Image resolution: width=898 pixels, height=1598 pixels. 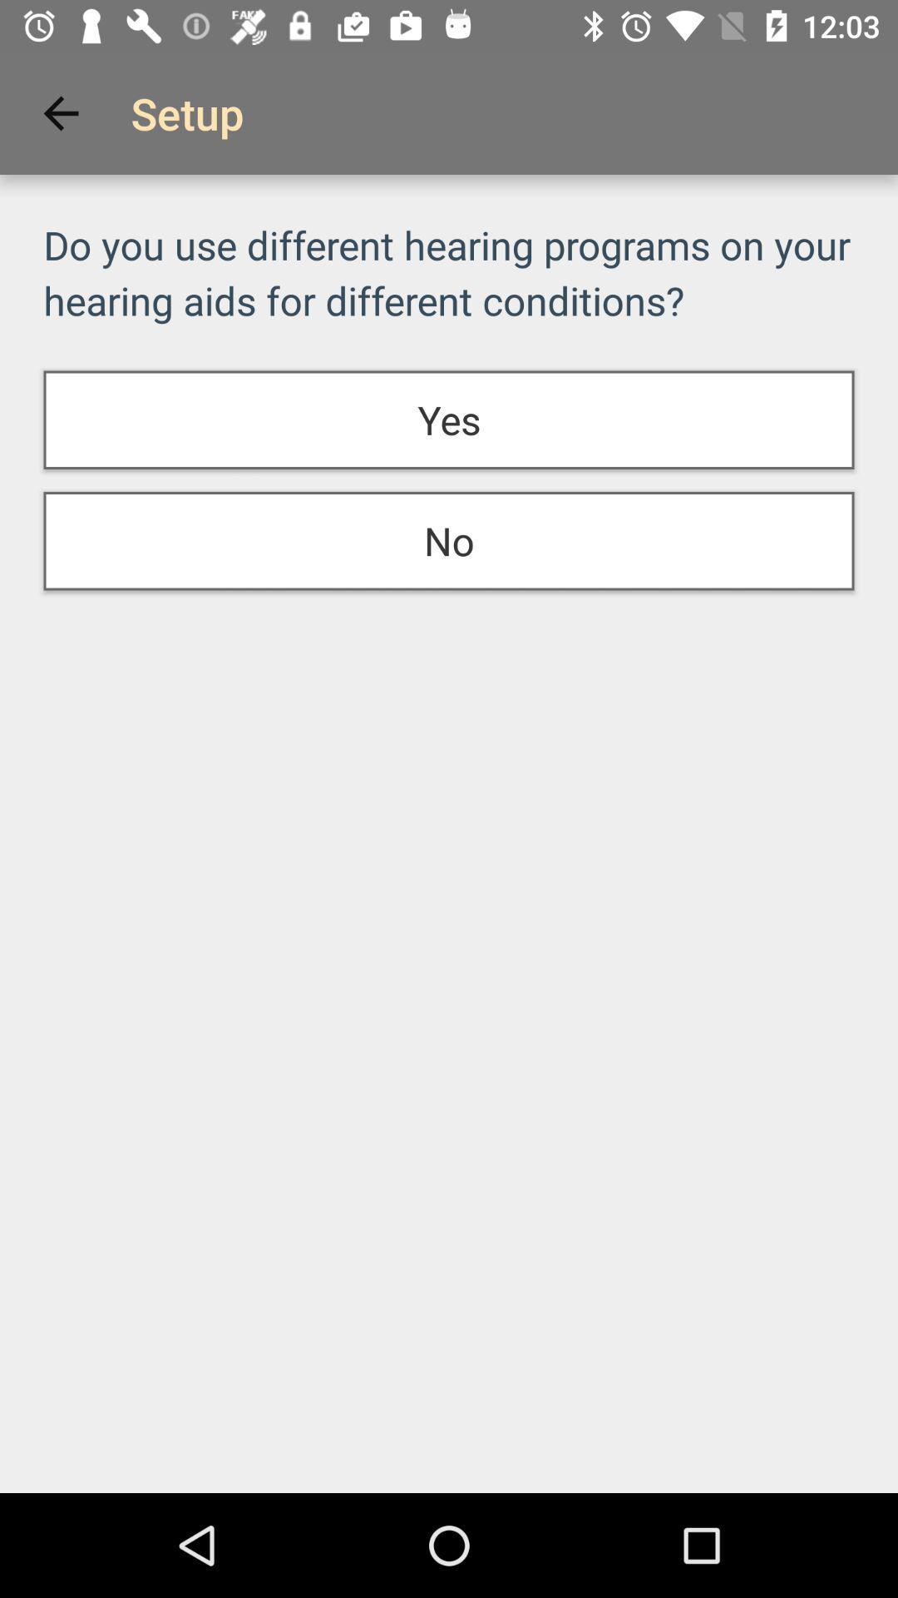 What do you see at coordinates (449, 541) in the screenshot?
I see `no at the center` at bounding box center [449, 541].